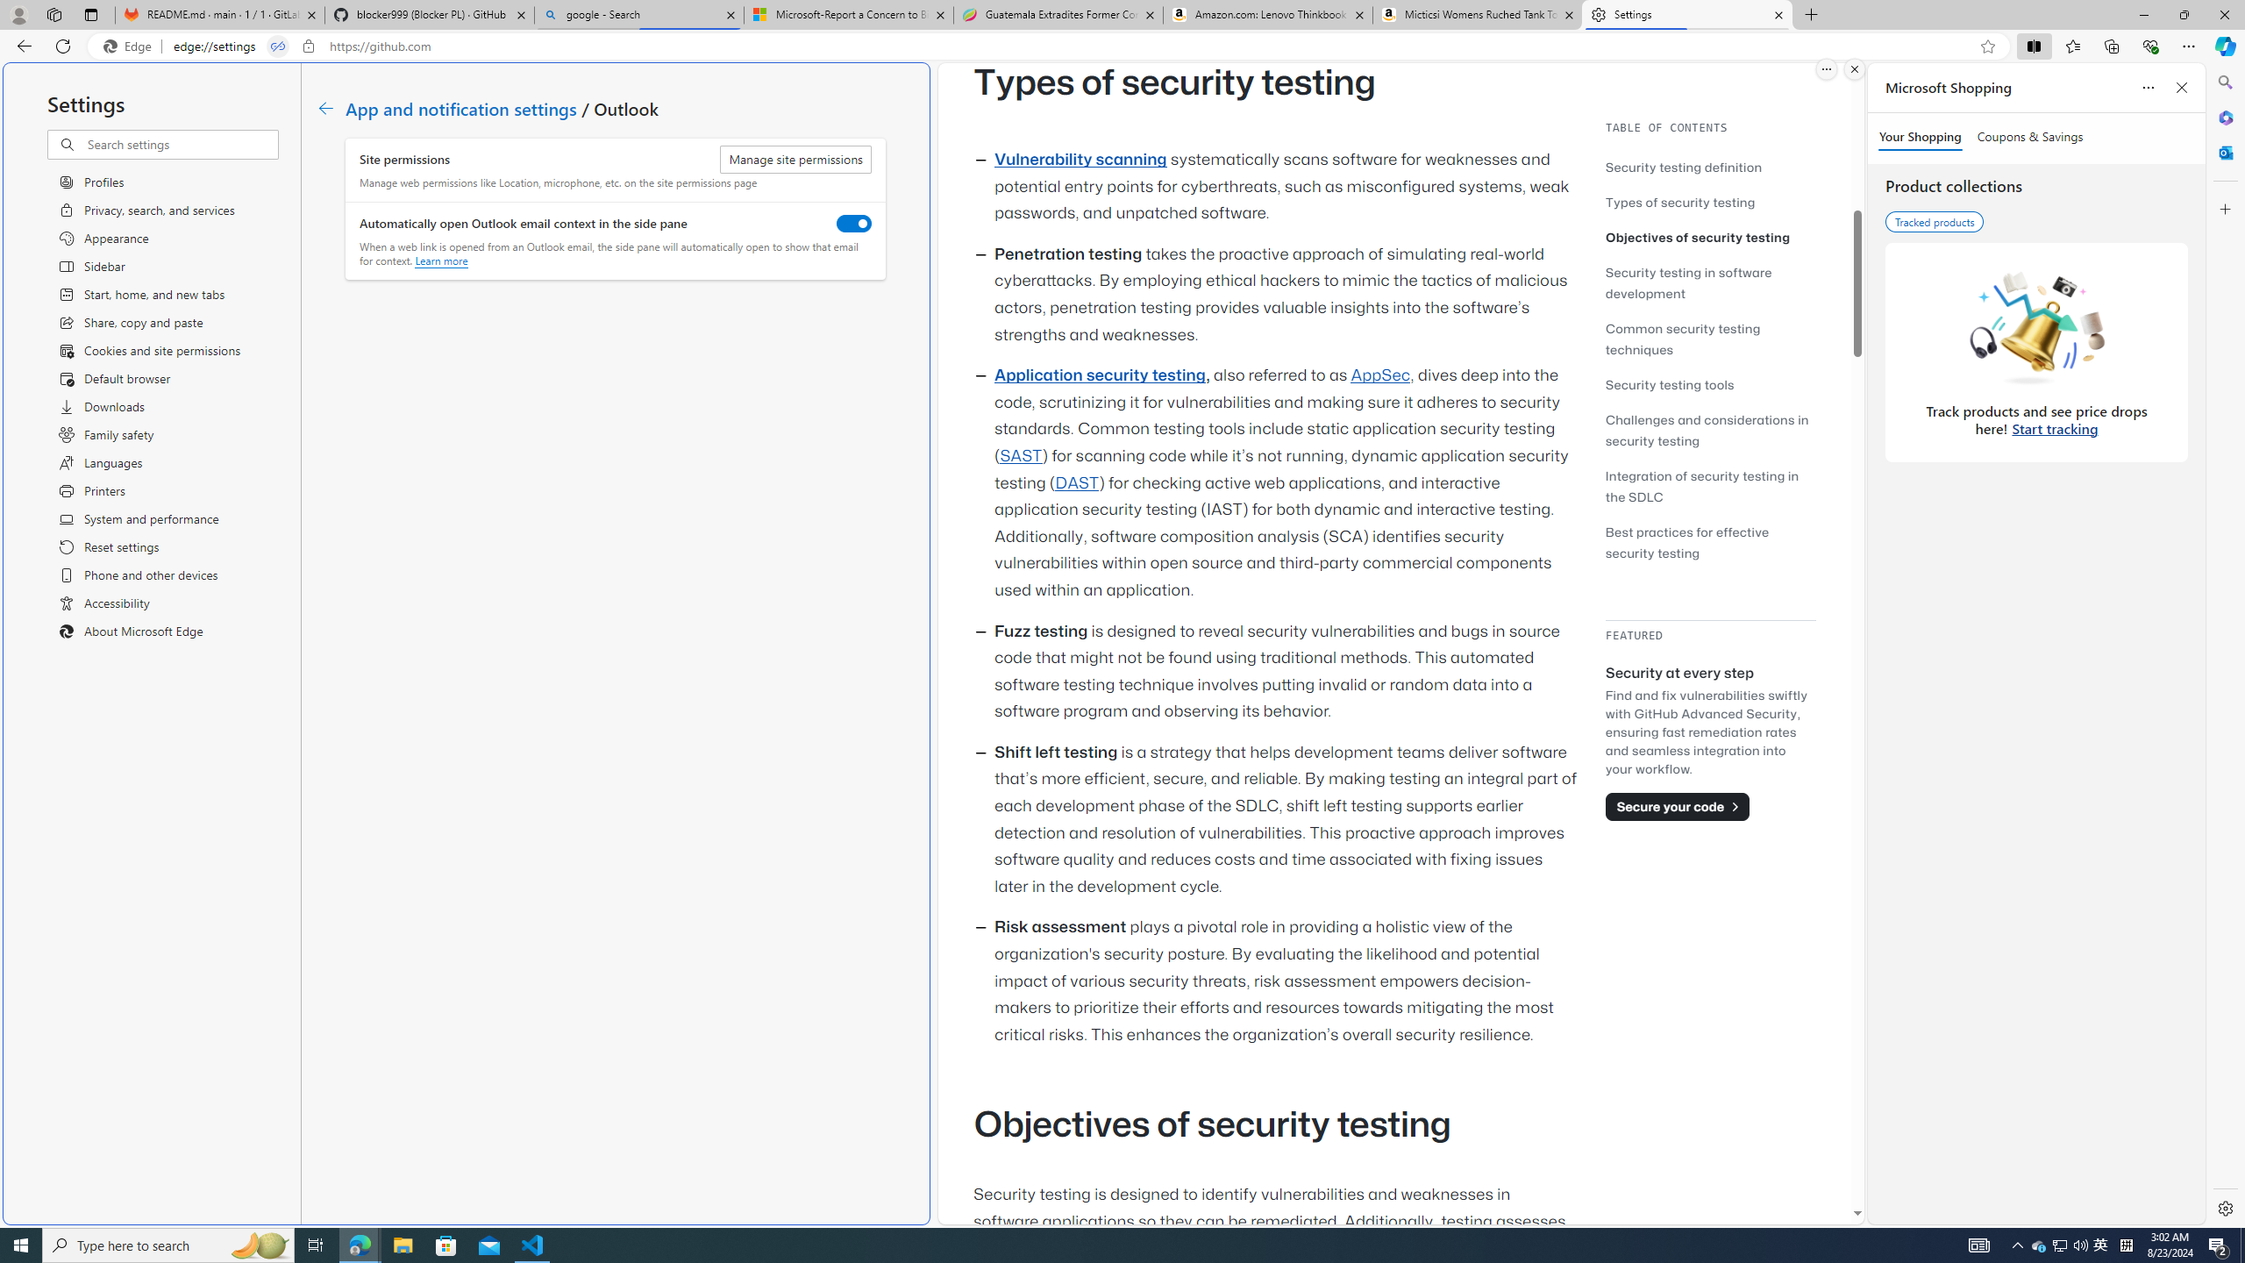 The height and width of the screenshot is (1263, 2245). I want to click on 'Security testing definition', so click(1684, 166).